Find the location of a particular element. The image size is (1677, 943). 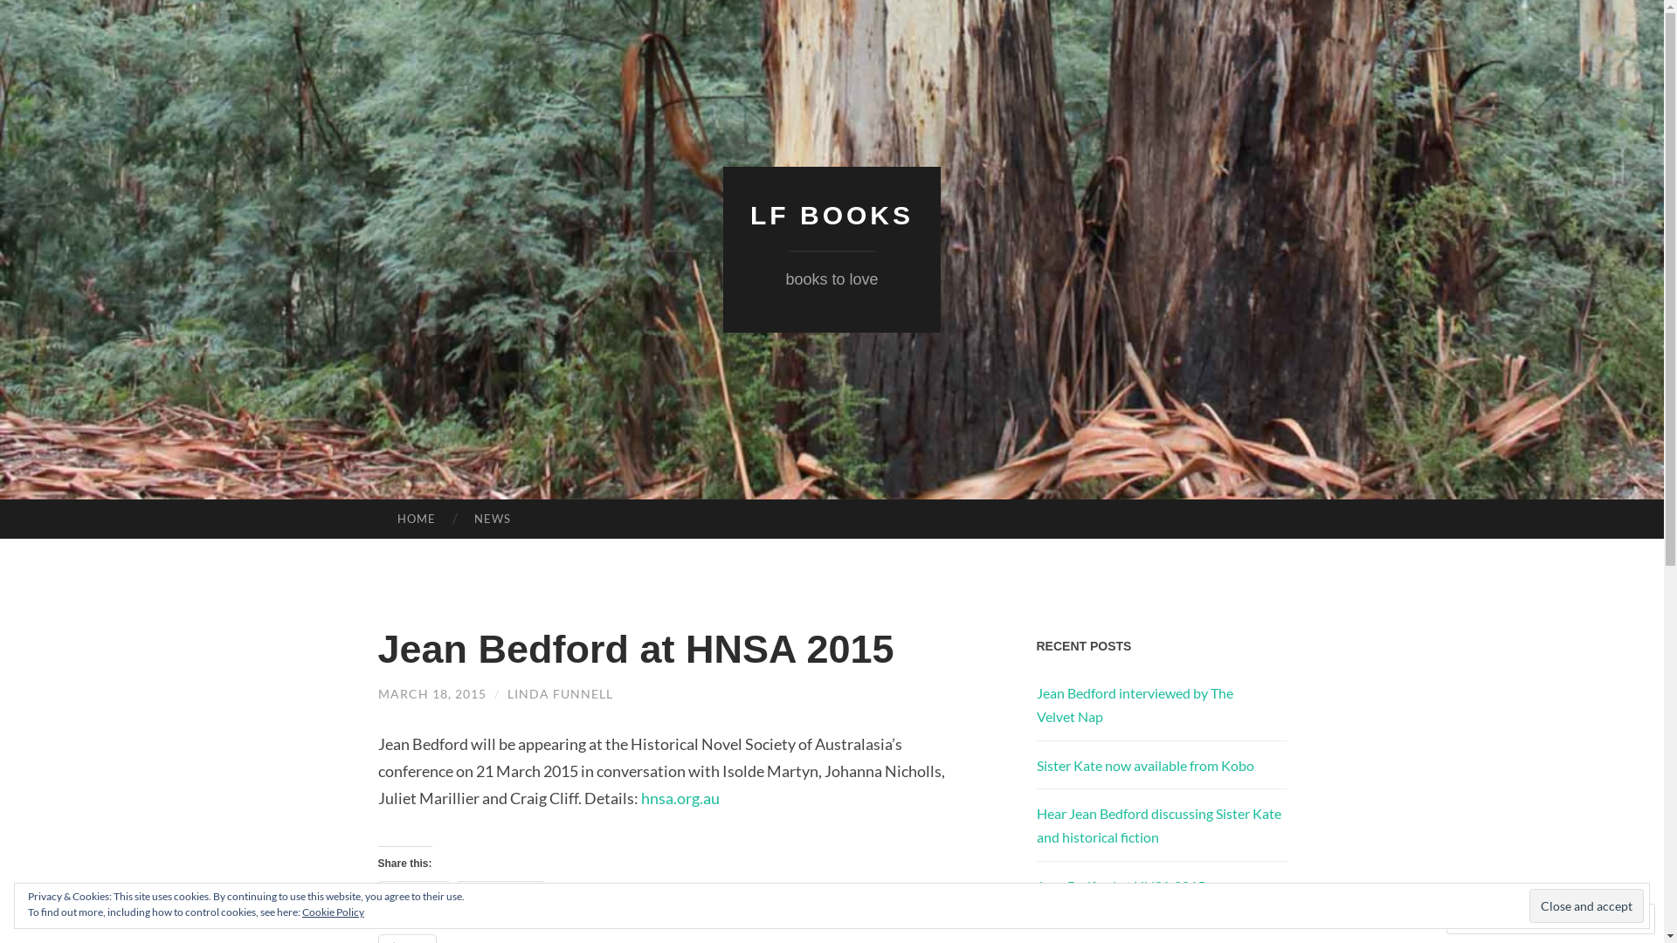

'MARCH 18, 2015' is located at coordinates (376, 692).